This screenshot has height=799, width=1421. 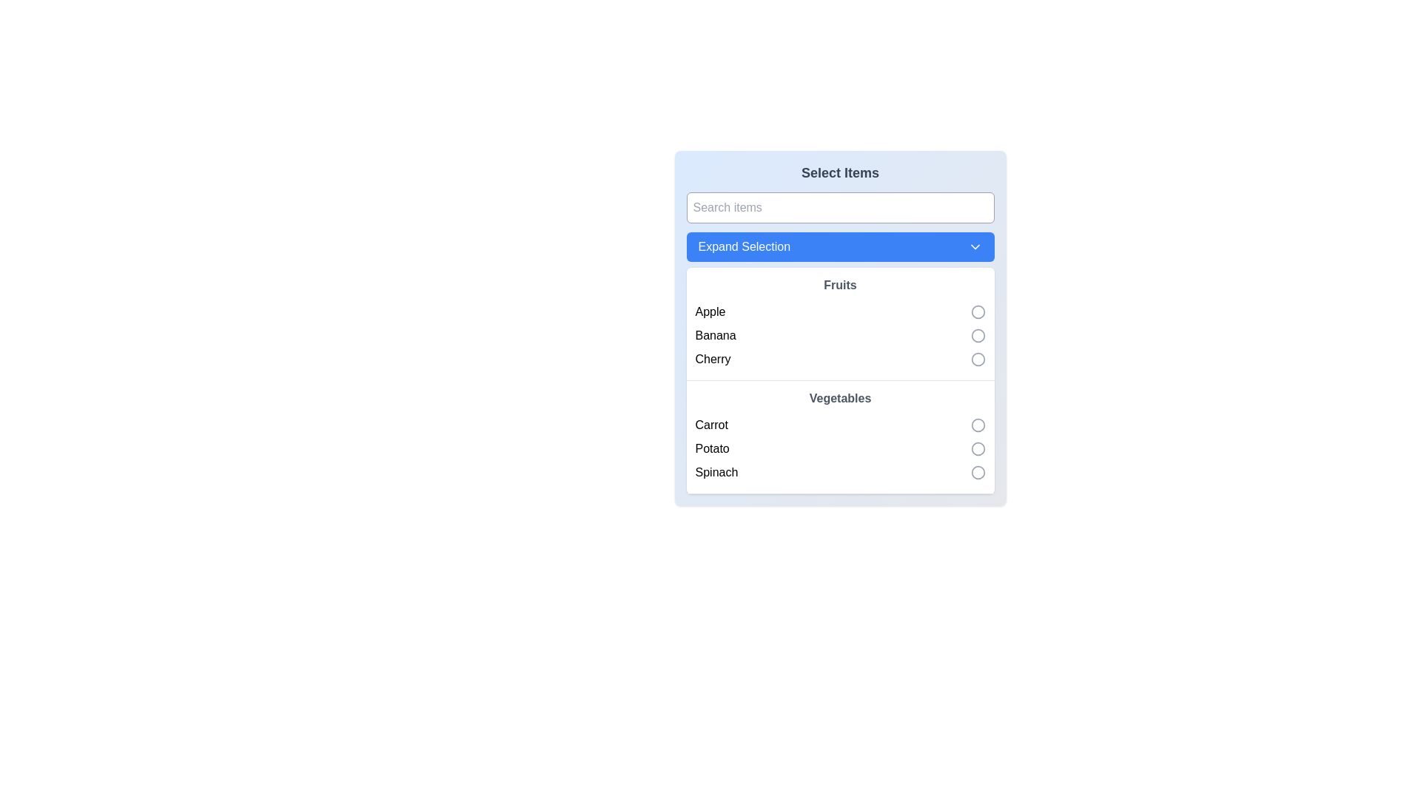 I want to click on the 'Fruits' text label, which is a bold gray header positioned near the top of the list, directly below the 'Expand Selection' dropdown, so click(x=840, y=285).